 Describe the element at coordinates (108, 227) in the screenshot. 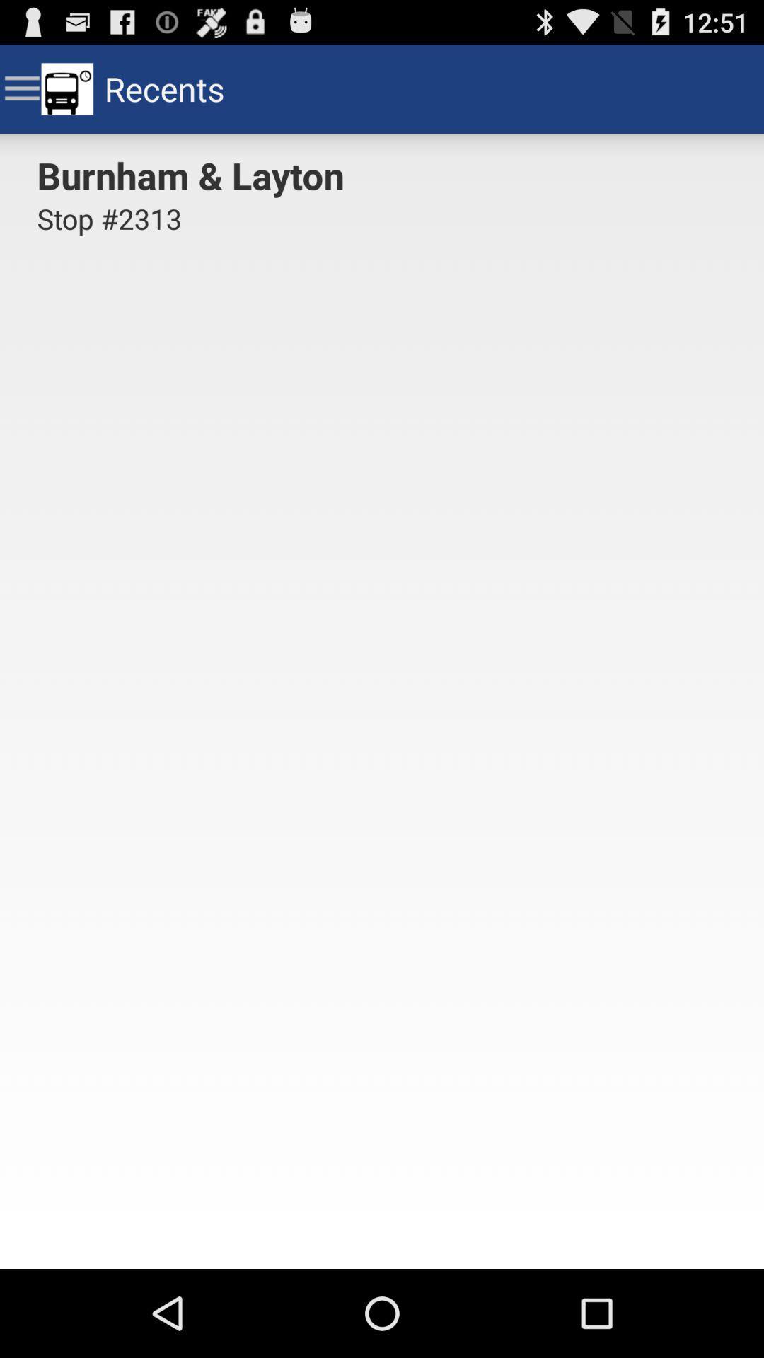

I see `stop #2313` at that location.